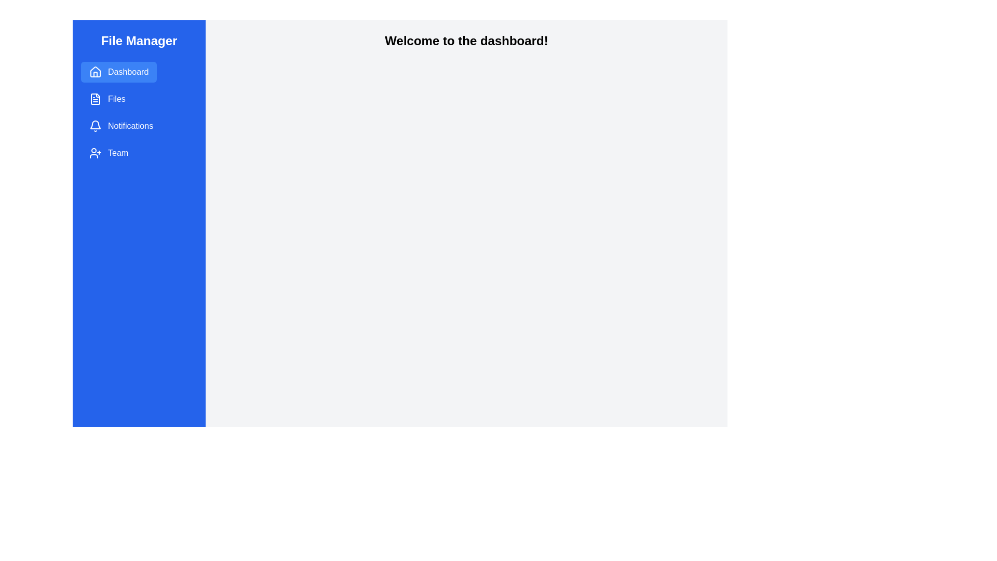 This screenshot has width=997, height=561. Describe the element at coordinates (95, 124) in the screenshot. I see `the bell icon in the left-hand navigation bar` at that location.